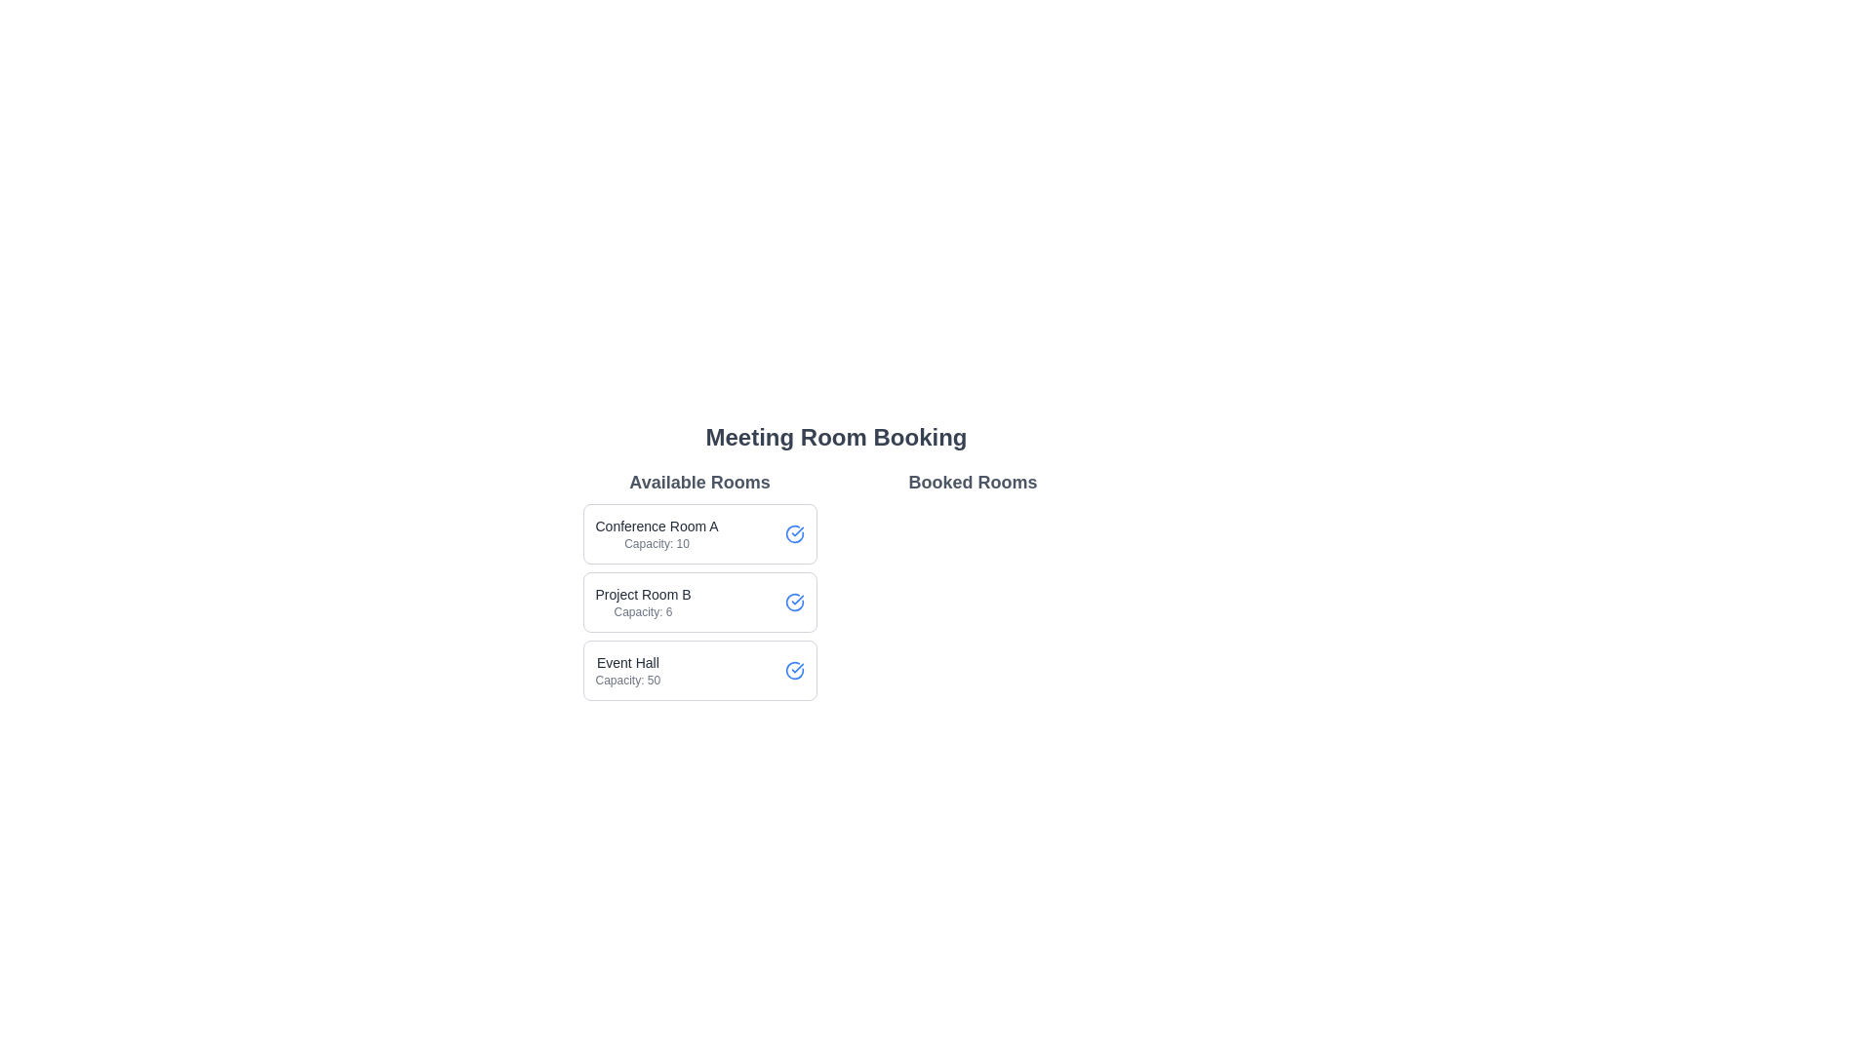 The width and height of the screenshot is (1873, 1053). What do you see at coordinates (699, 533) in the screenshot?
I see `the 'Conference Room A' card` at bounding box center [699, 533].